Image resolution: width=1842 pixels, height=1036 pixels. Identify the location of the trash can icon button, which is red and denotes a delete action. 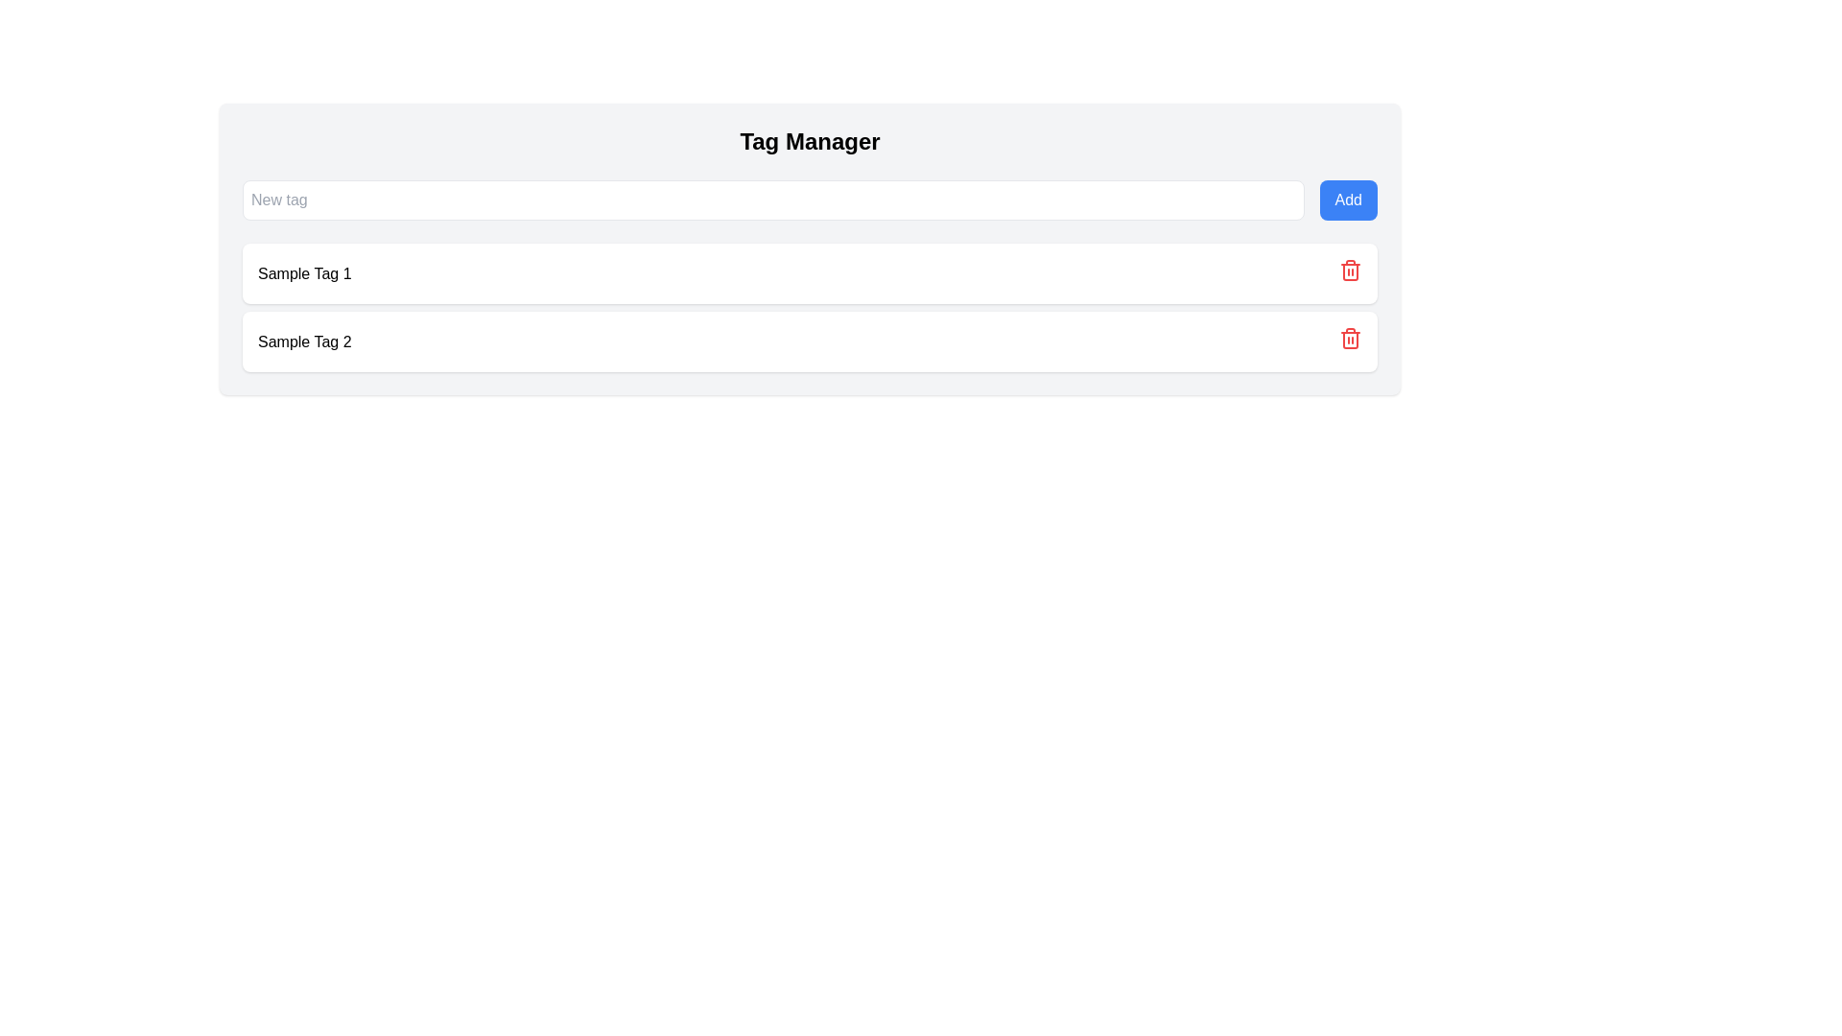
(1349, 273).